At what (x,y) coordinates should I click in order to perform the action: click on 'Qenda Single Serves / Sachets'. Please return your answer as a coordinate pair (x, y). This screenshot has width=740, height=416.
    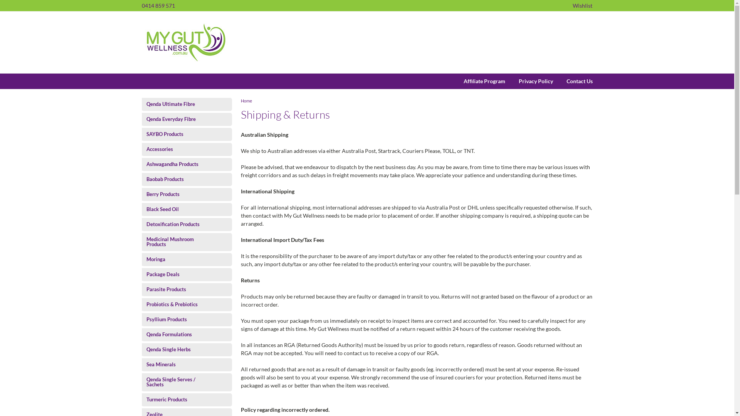
    Looking at the image, I should click on (180, 382).